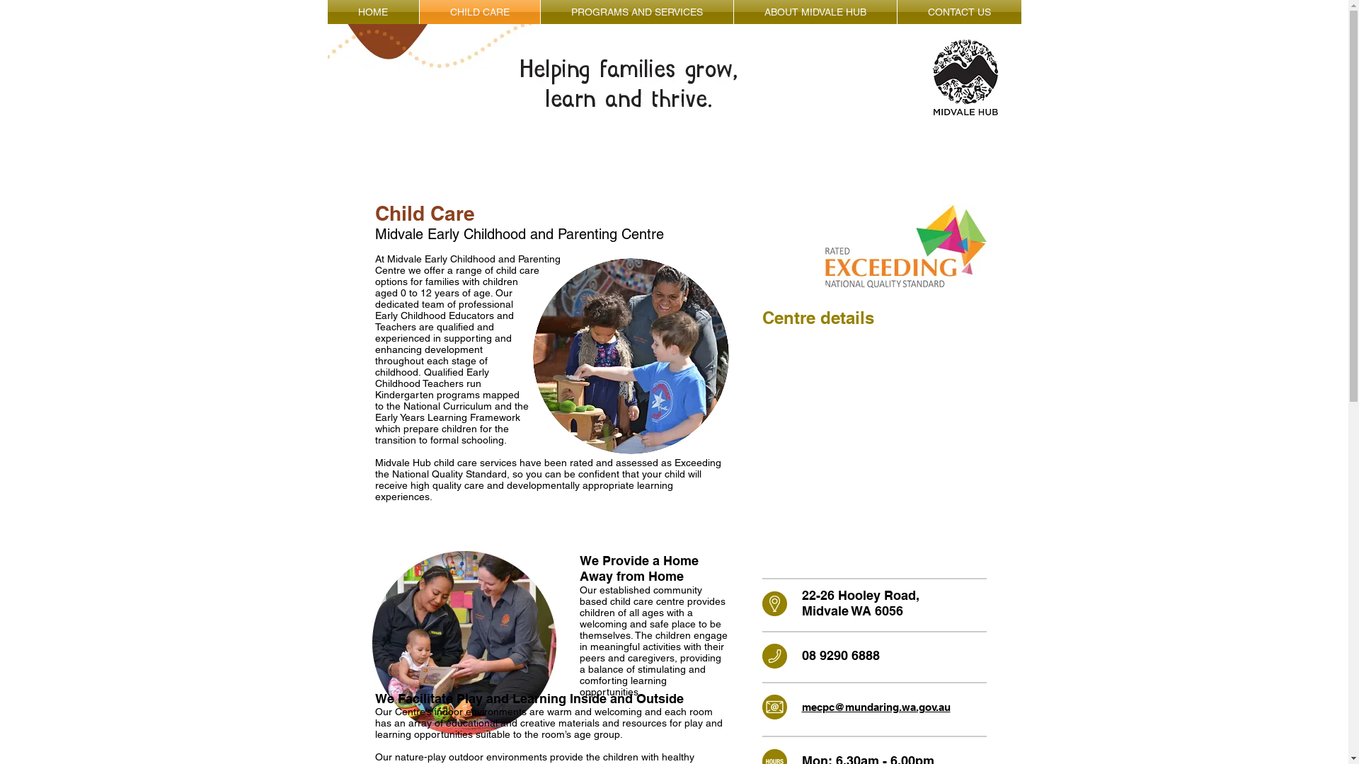 The image size is (1359, 764). I want to click on 'PROGRAMS AND SERVICES', so click(539, 11).